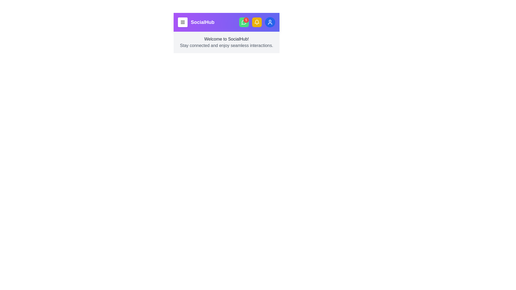 This screenshot has width=516, height=290. I want to click on the user profile button to access account options, so click(270, 22).